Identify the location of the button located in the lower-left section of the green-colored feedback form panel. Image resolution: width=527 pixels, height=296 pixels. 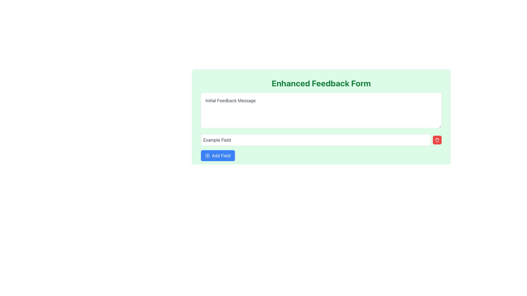
(217, 155).